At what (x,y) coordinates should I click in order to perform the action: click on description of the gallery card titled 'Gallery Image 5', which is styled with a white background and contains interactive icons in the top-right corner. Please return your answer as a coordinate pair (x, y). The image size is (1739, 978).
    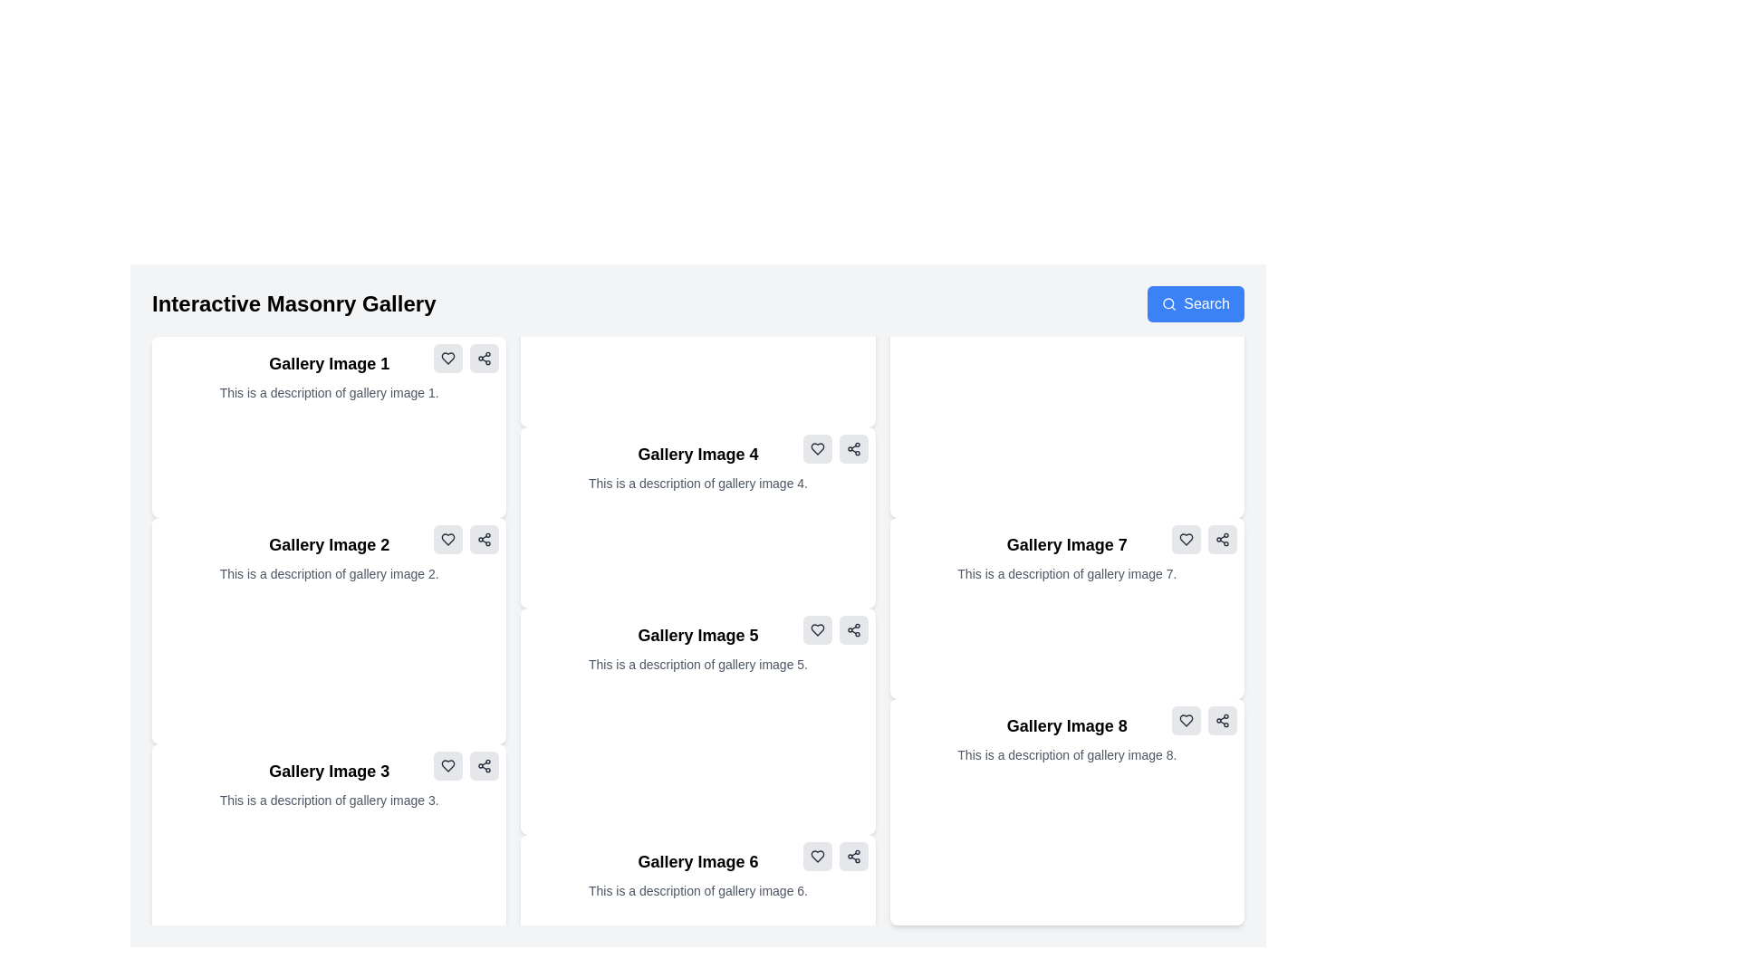
    Looking at the image, I should click on (697, 721).